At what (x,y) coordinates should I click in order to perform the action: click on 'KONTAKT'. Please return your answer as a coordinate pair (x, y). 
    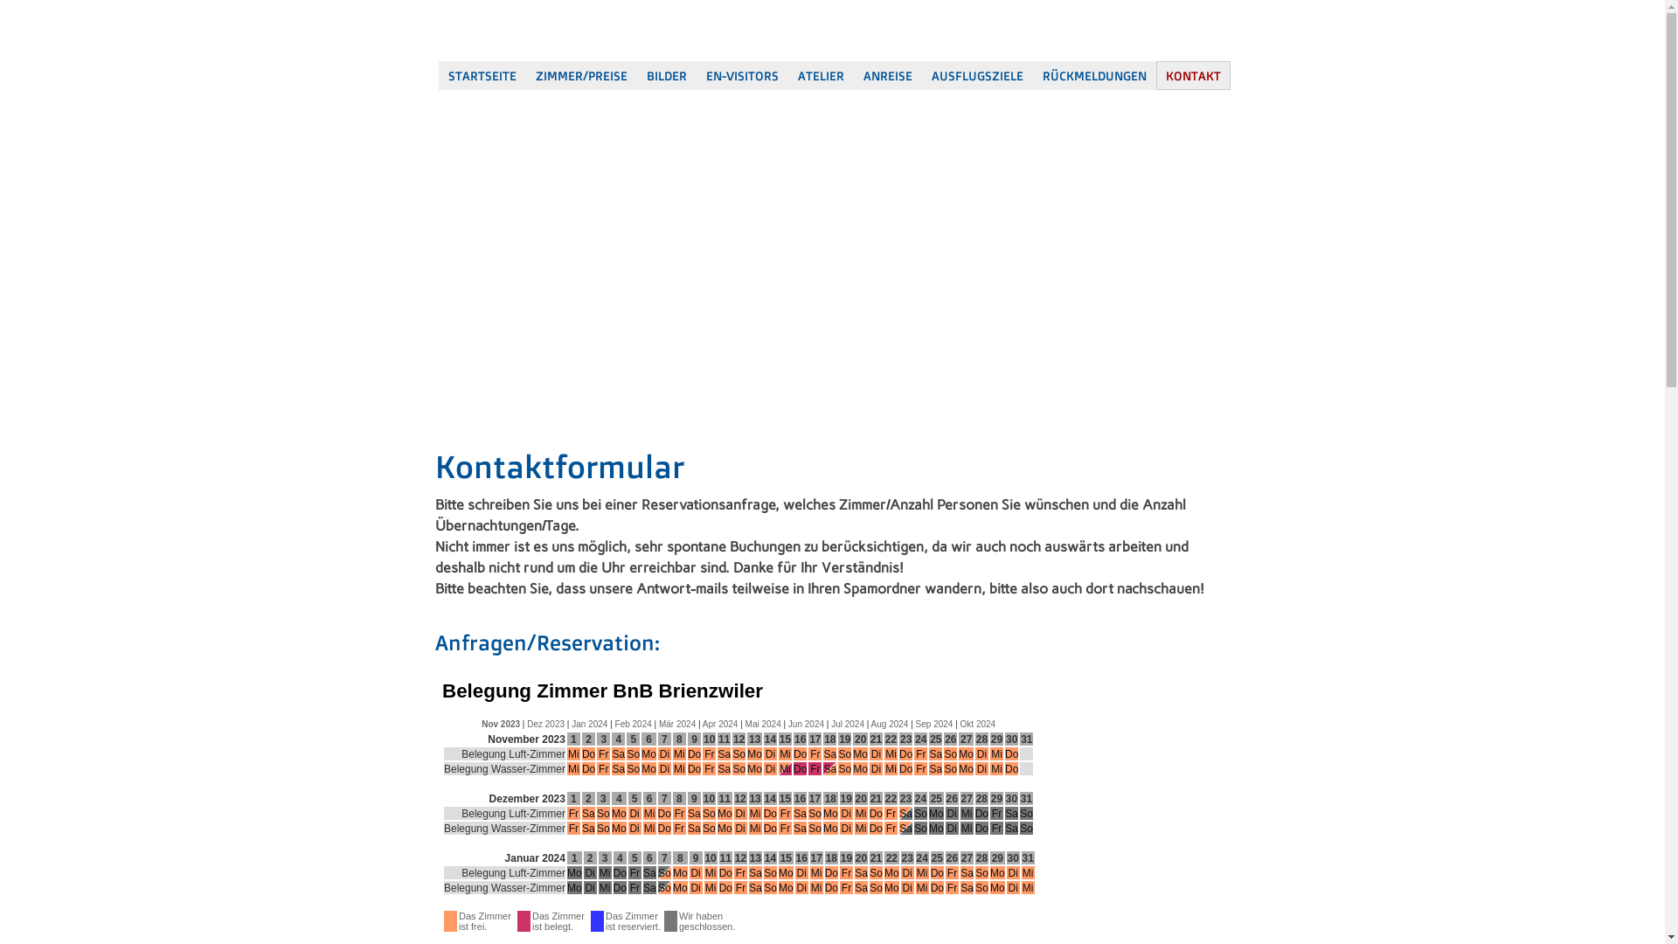
    Looking at the image, I should click on (1191, 74).